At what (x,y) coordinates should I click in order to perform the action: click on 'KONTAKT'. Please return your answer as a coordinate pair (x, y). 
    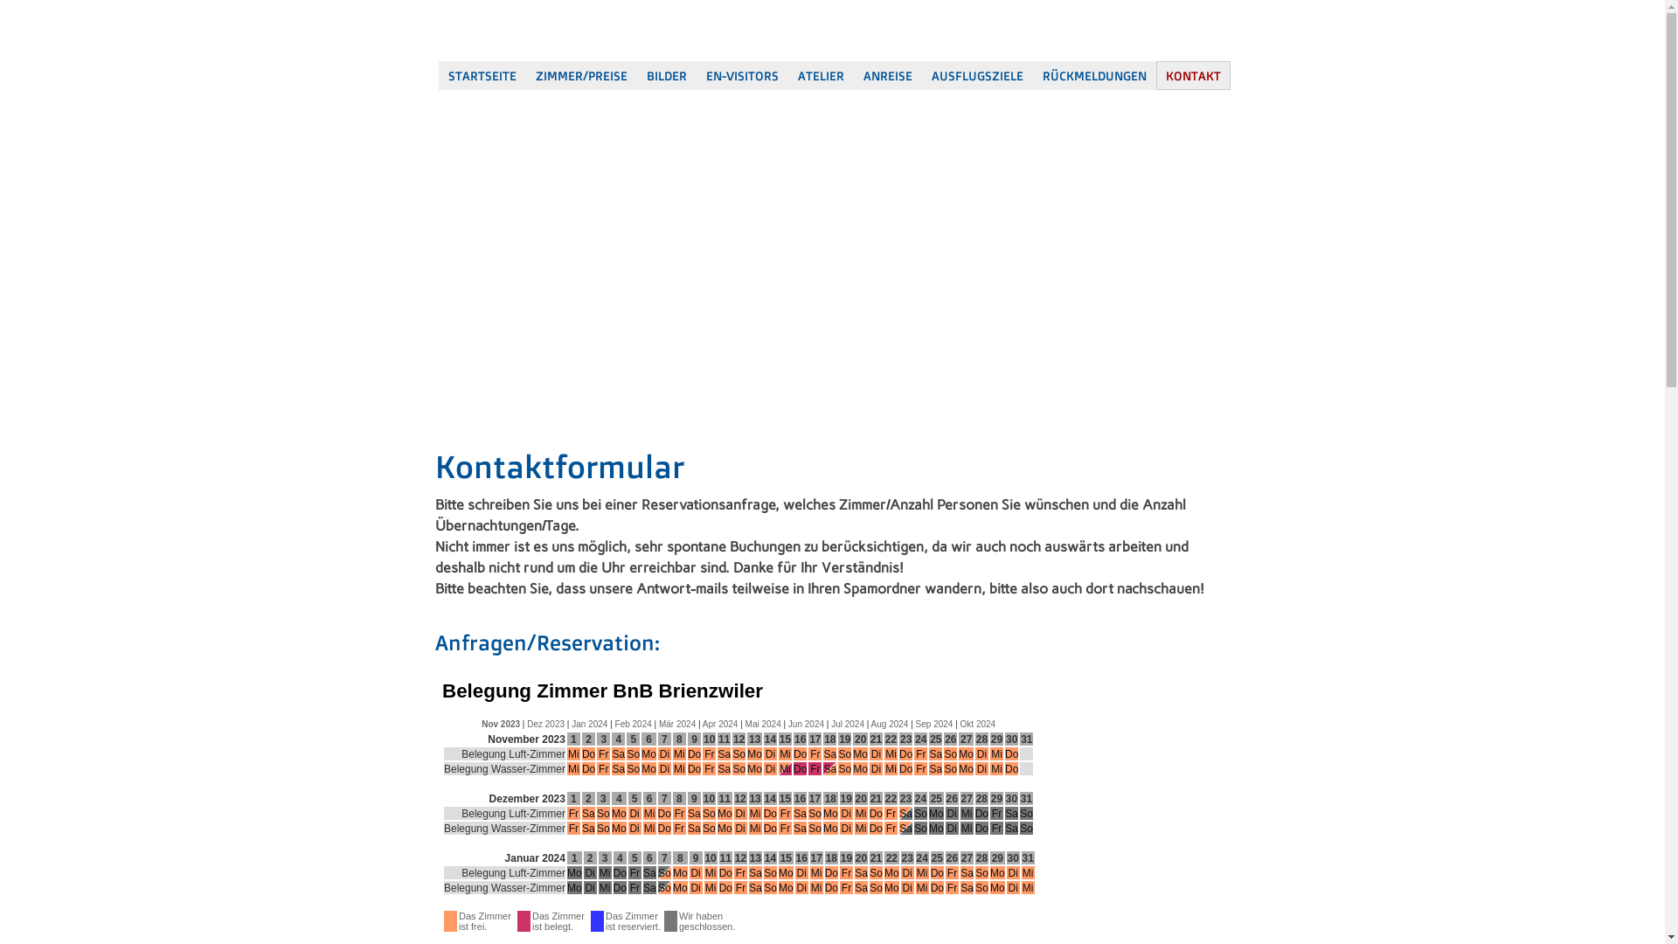
    Looking at the image, I should click on (1191, 74).